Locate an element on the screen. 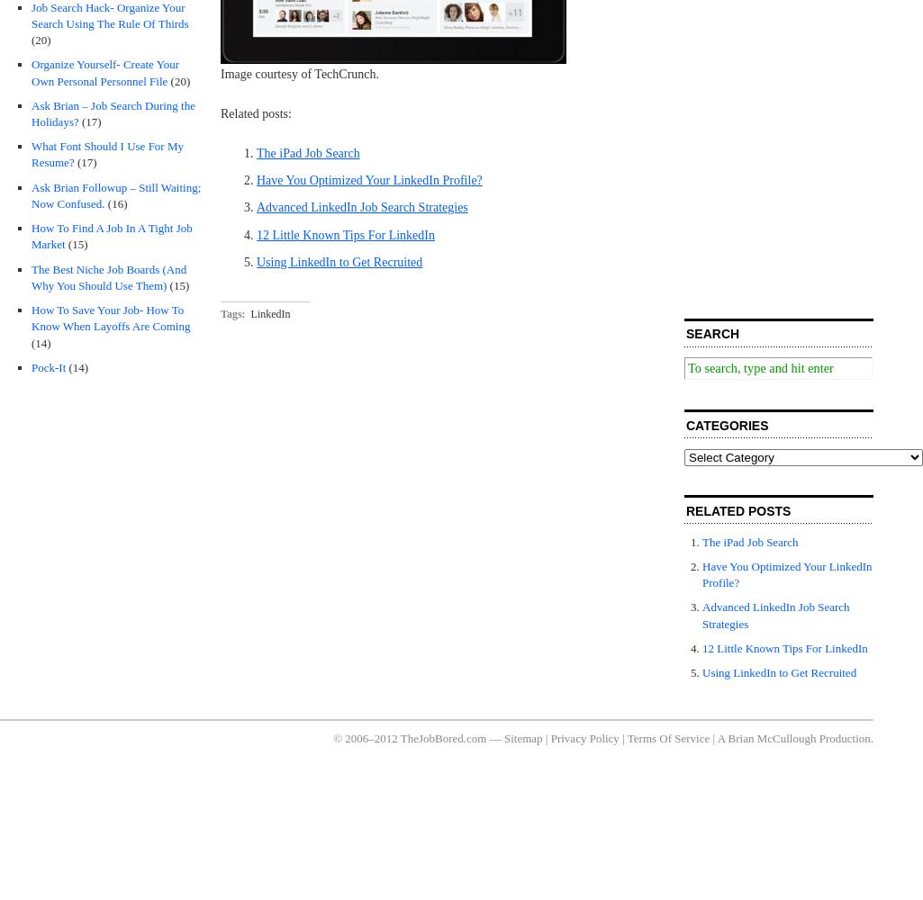 This screenshot has height=900, width=923. 'Privacy Policy' is located at coordinates (584, 736).